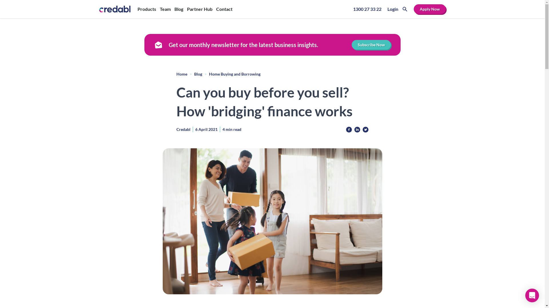  Describe the element at coordinates (402, 9) in the screenshot. I see `'Search'` at that location.